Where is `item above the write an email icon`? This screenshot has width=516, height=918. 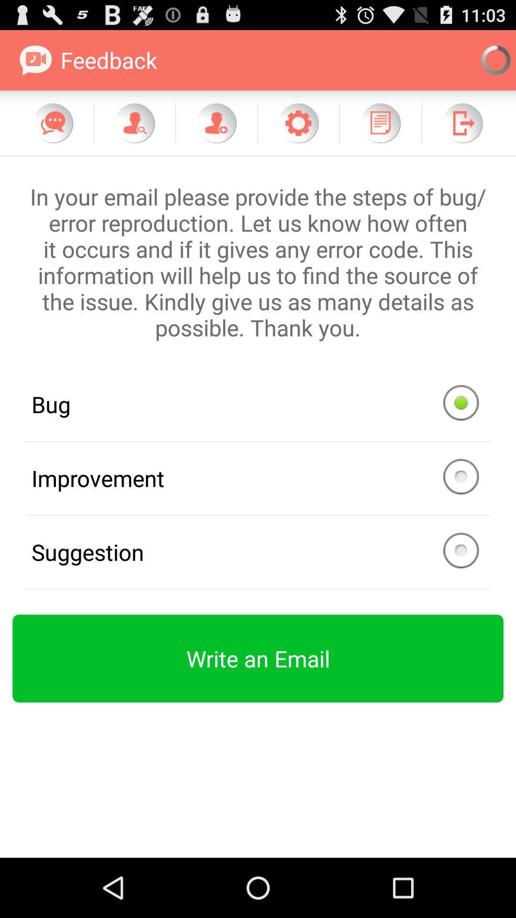
item above the write an email icon is located at coordinates (258, 552).